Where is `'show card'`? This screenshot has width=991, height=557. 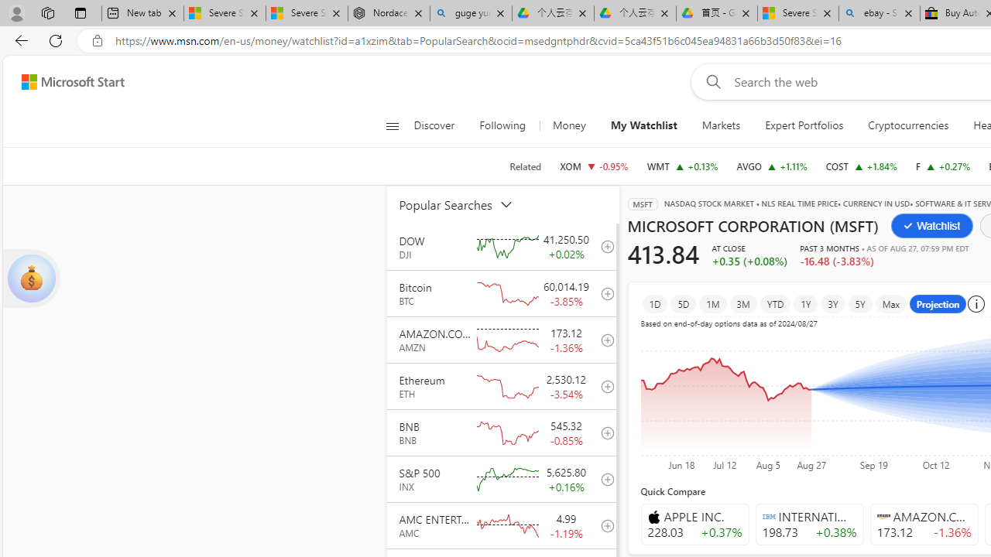
'show card' is located at coordinates (31, 278).